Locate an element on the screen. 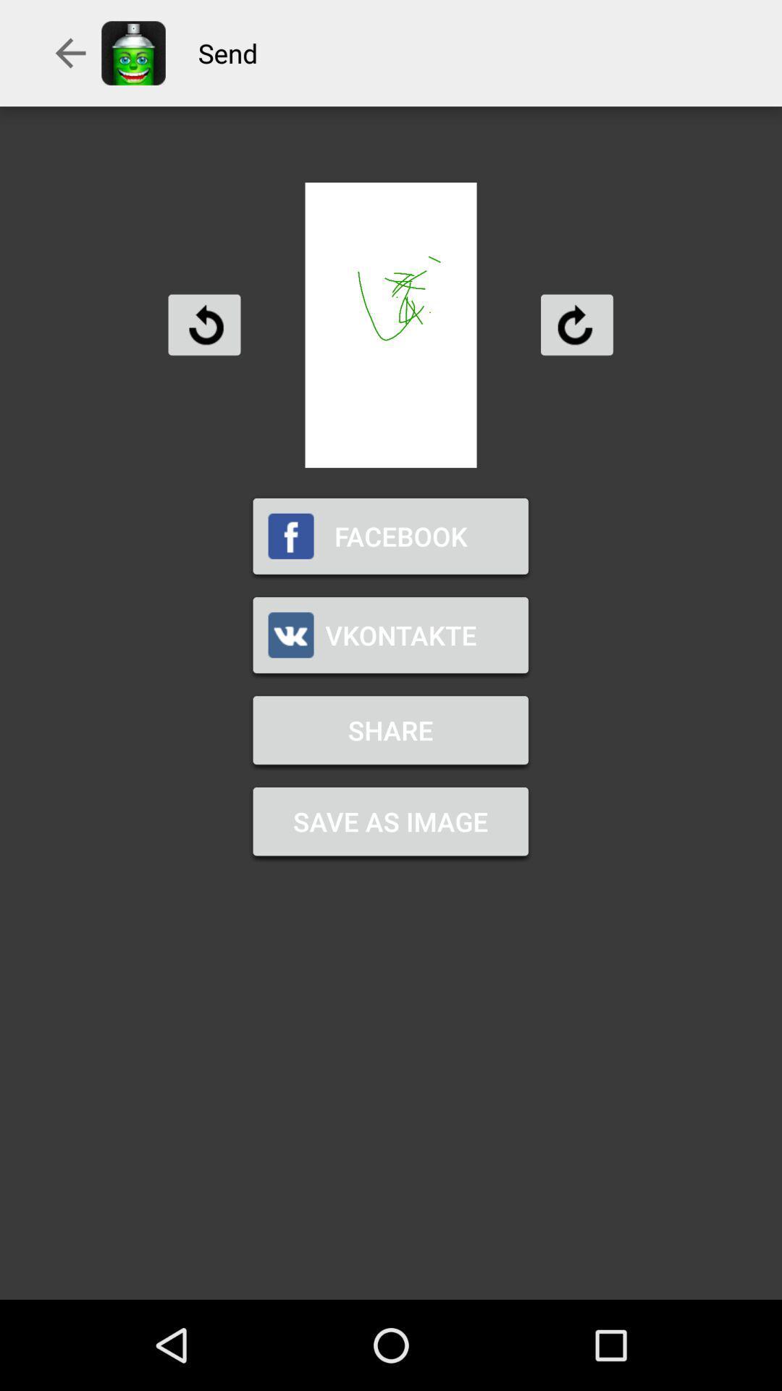 This screenshot has width=782, height=1391. go back is located at coordinates (204, 324).